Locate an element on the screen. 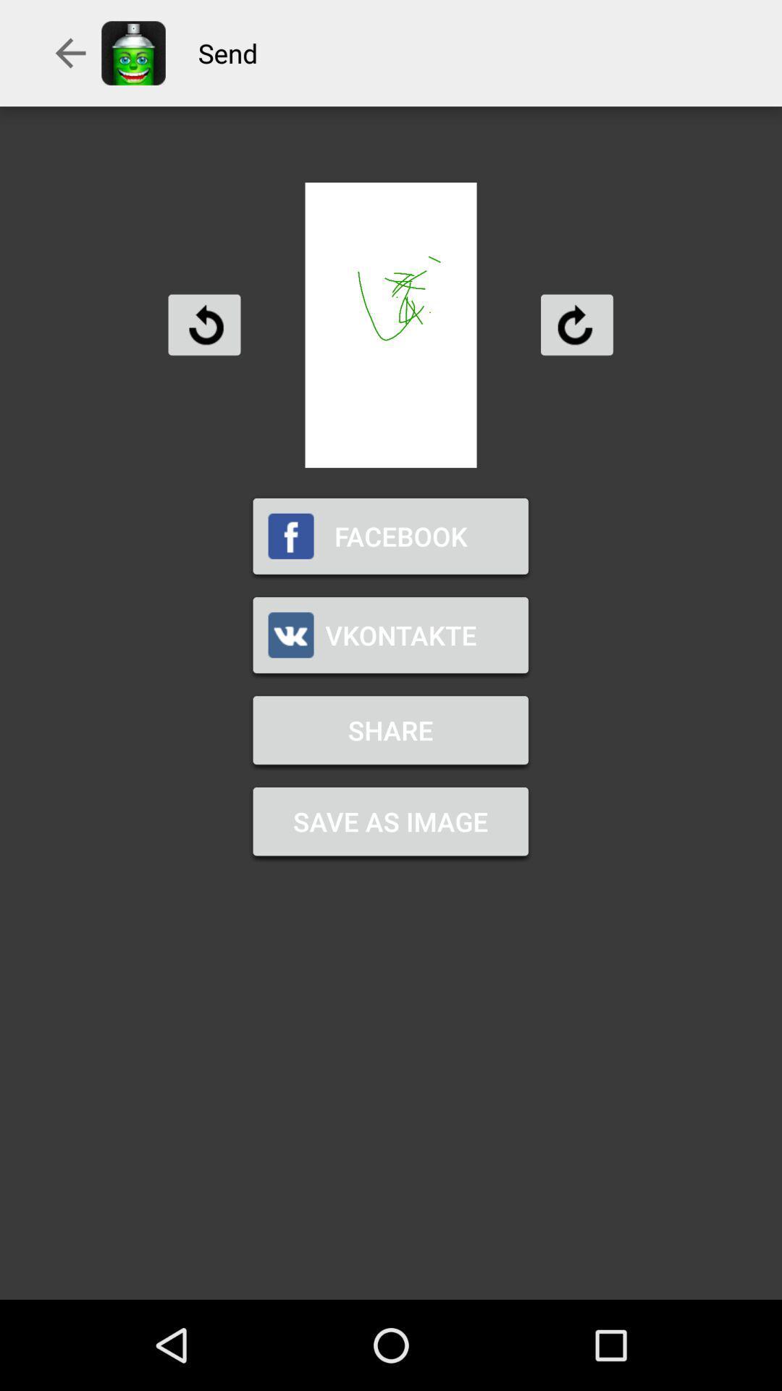 This screenshot has width=782, height=1391. go back is located at coordinates (204, 324).